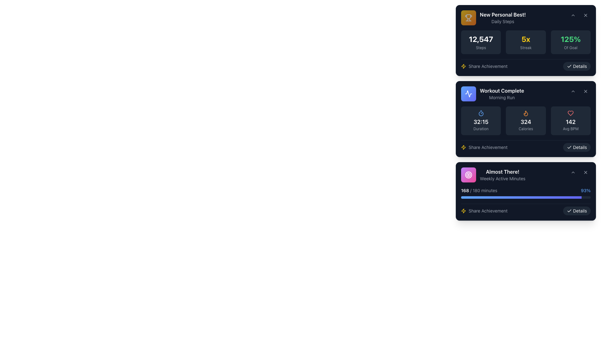  Describe the element at coordinates (469, 94) in the screenshot. I see `the 'Workout Complete' icon located in the upper-left corner of the 'Workout Complete' card, which is positioned to the left of the text 'Workout Complete Morning Run'` at that location.